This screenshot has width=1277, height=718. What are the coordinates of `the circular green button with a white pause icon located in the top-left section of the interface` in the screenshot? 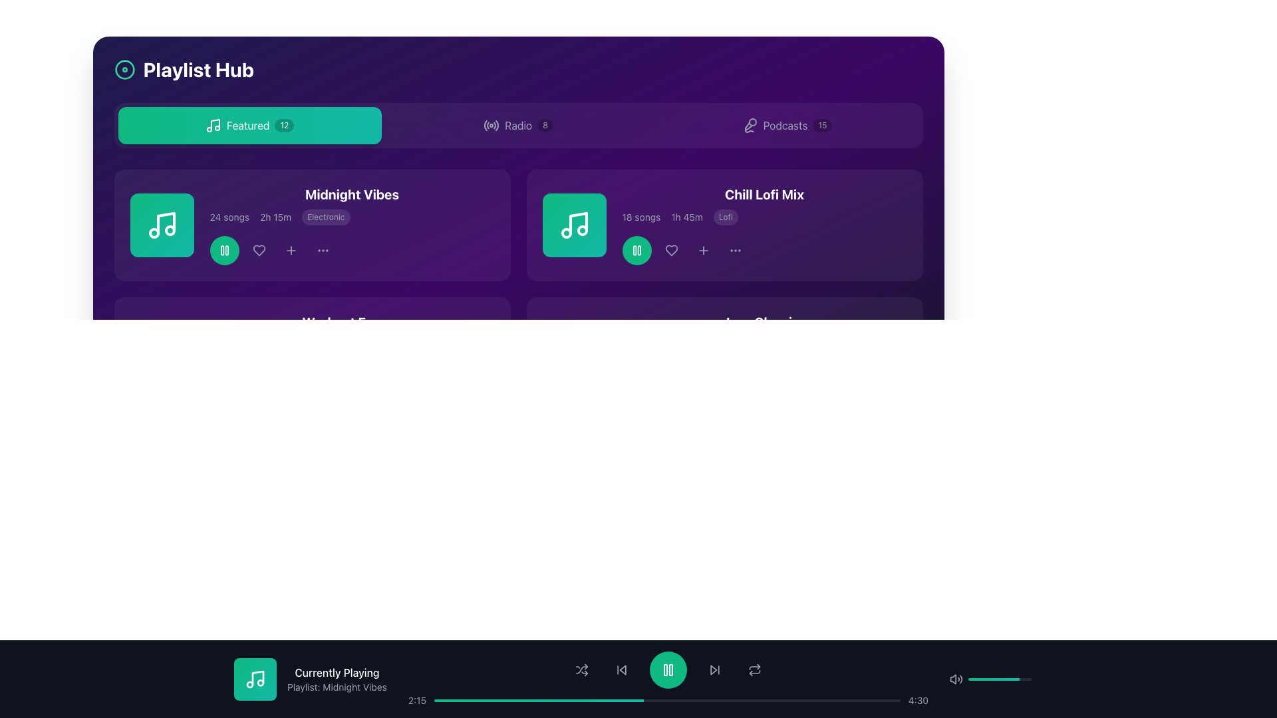 It's located at (224, 251).